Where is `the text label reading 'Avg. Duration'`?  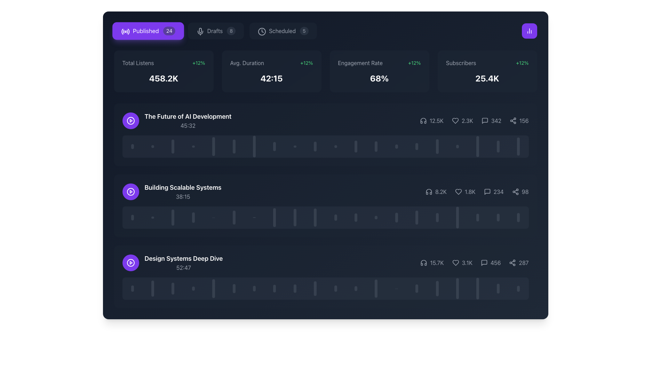
the text label reading 'Avg. Duration' is located at coordinates (247, 63).